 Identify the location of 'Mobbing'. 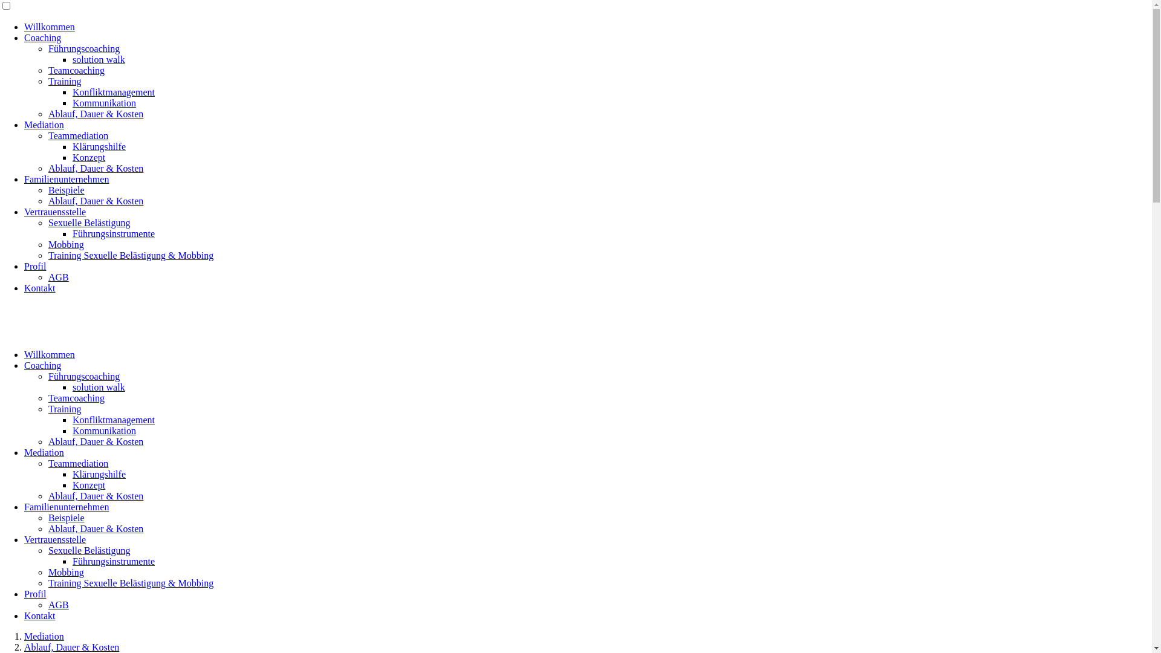
(65, 571).